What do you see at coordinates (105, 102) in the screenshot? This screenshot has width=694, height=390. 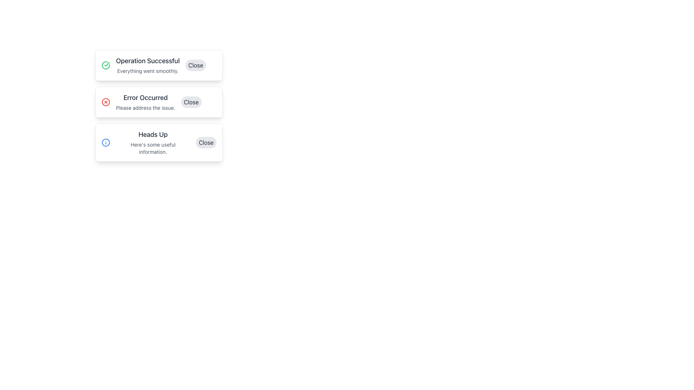 I see `the circular icon with a red stroke located in the middle notification card to the left of the text content` at bounding box center [105, 102].